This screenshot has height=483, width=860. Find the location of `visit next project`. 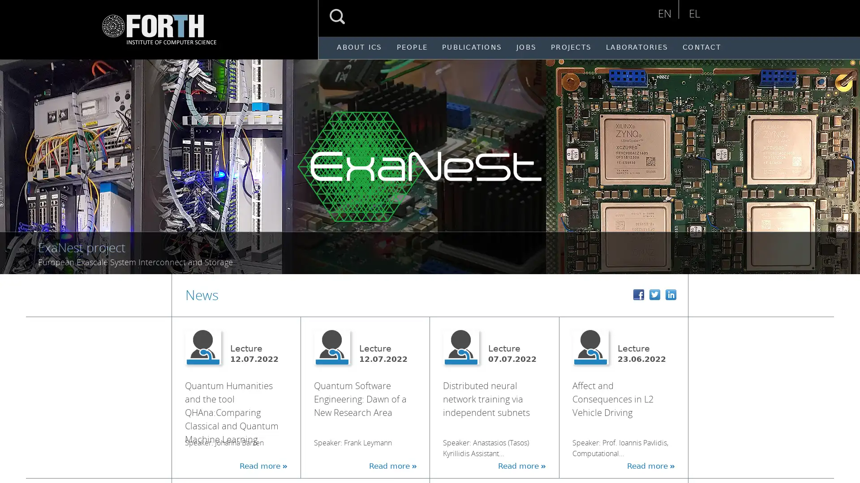

visit next project is located at coordinates (846, 161).